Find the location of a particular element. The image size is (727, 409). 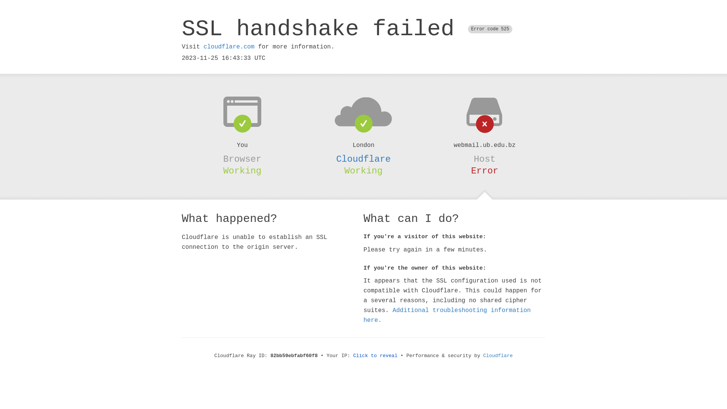

'Click to reveal' is located at coordinates (375, 356).